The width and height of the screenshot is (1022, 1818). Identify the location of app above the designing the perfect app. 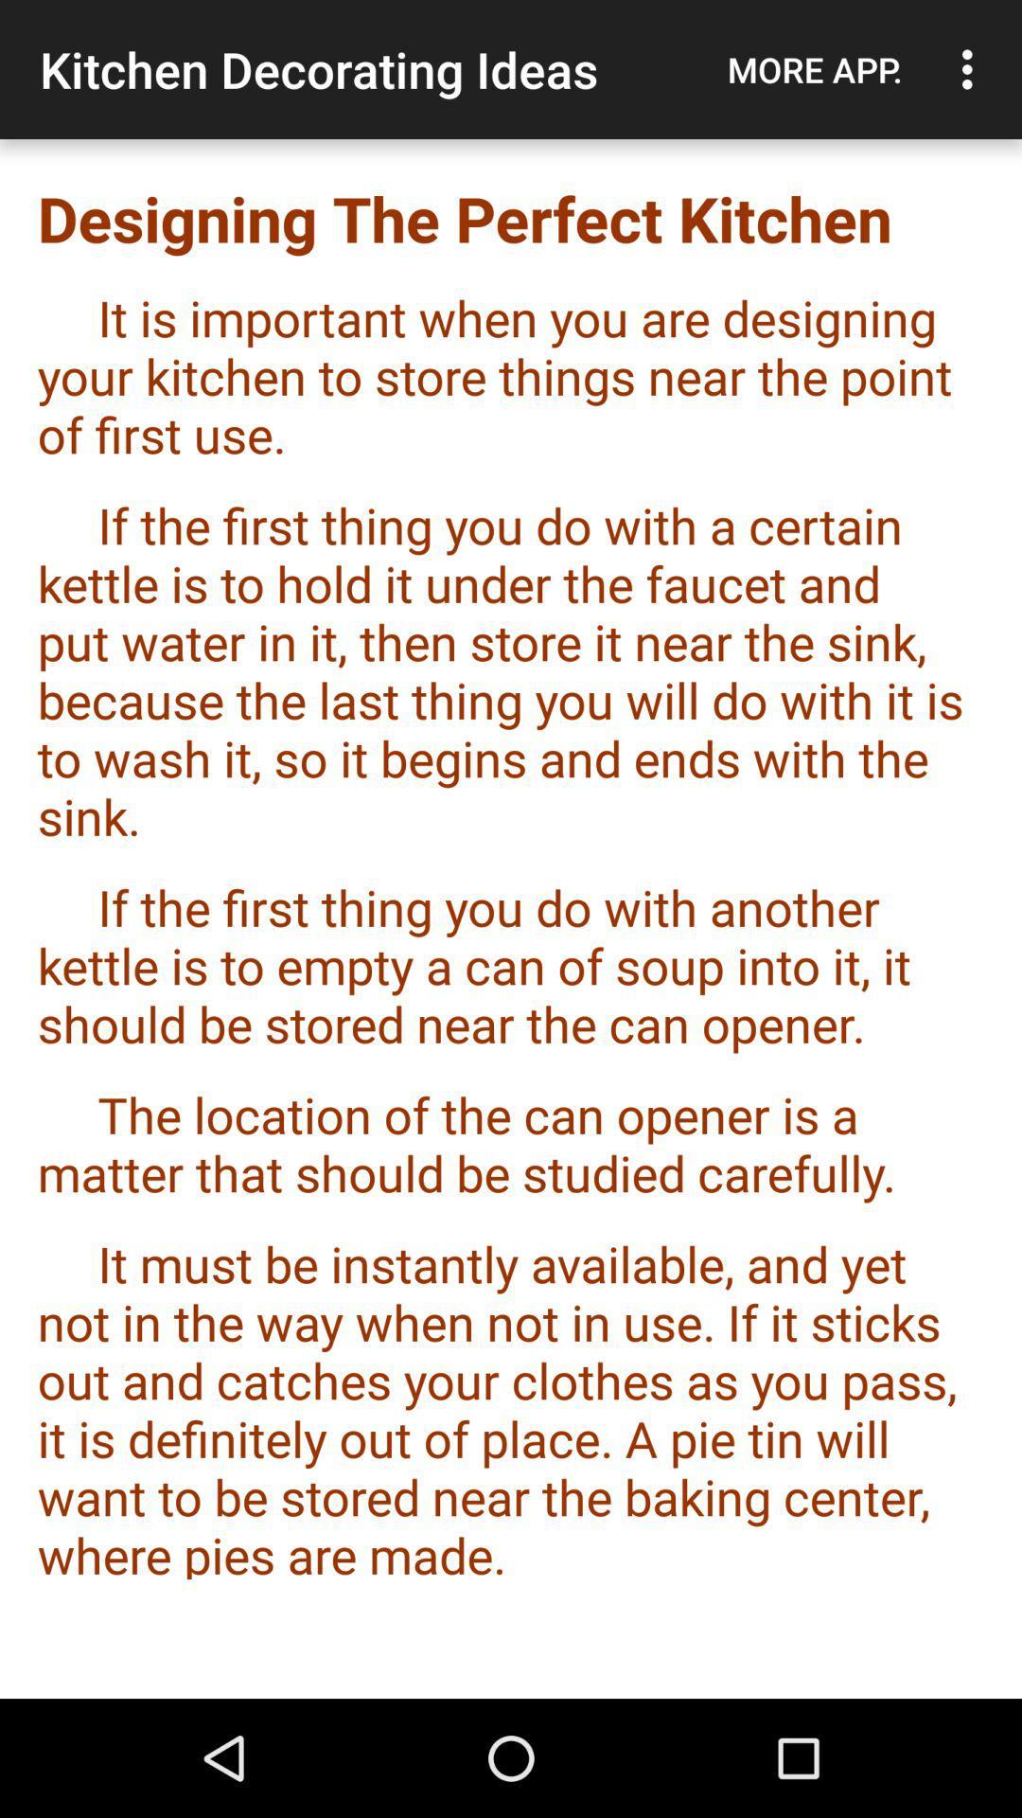
(972, 69).